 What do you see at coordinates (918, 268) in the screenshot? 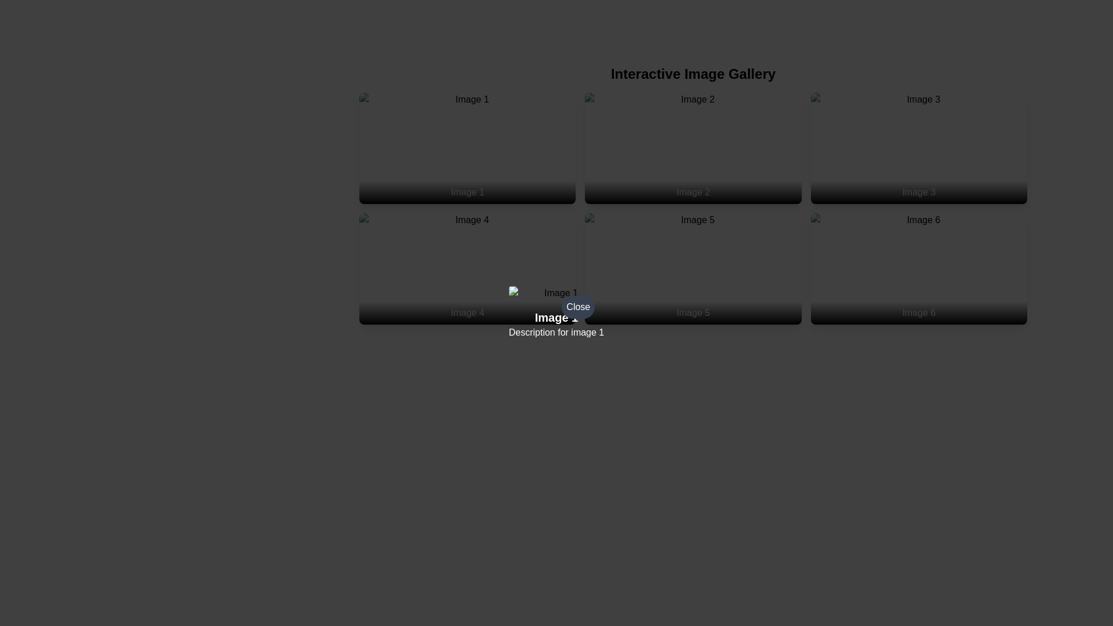
I see `the Interactive Image Card that displays 'Image 6' in the lower-right corner of the grid layout` at bounding box center [918, 268].